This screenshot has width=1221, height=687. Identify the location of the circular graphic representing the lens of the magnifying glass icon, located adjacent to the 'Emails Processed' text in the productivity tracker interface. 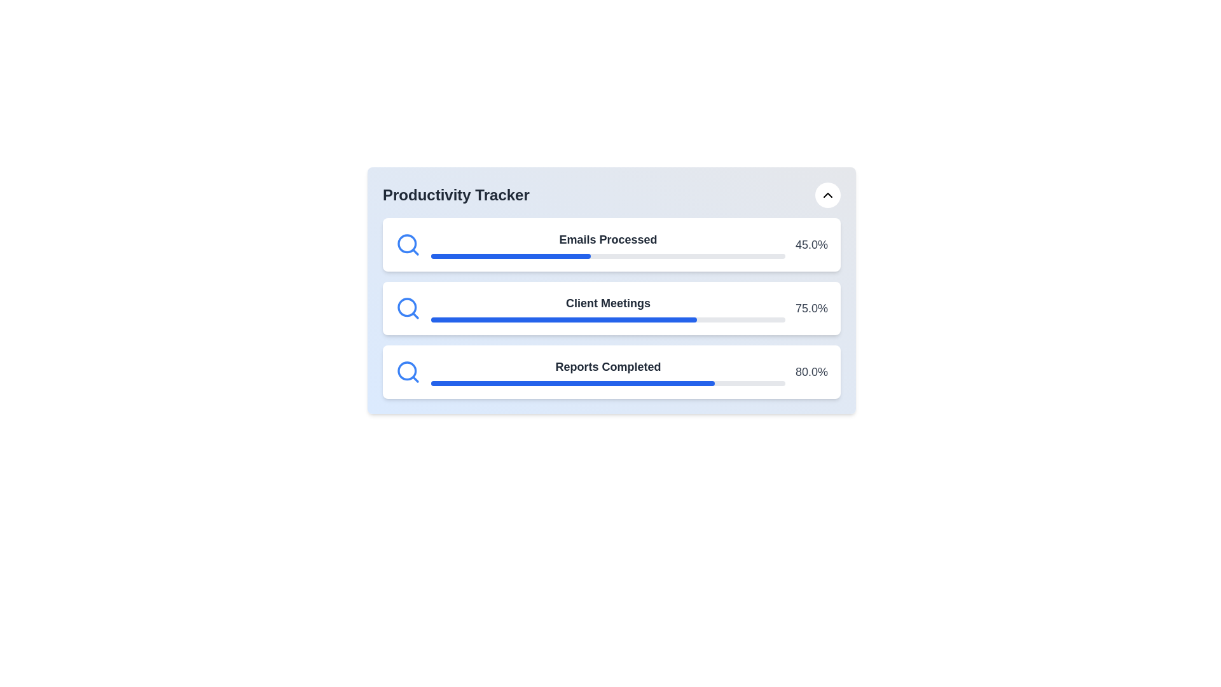
(407, 244).